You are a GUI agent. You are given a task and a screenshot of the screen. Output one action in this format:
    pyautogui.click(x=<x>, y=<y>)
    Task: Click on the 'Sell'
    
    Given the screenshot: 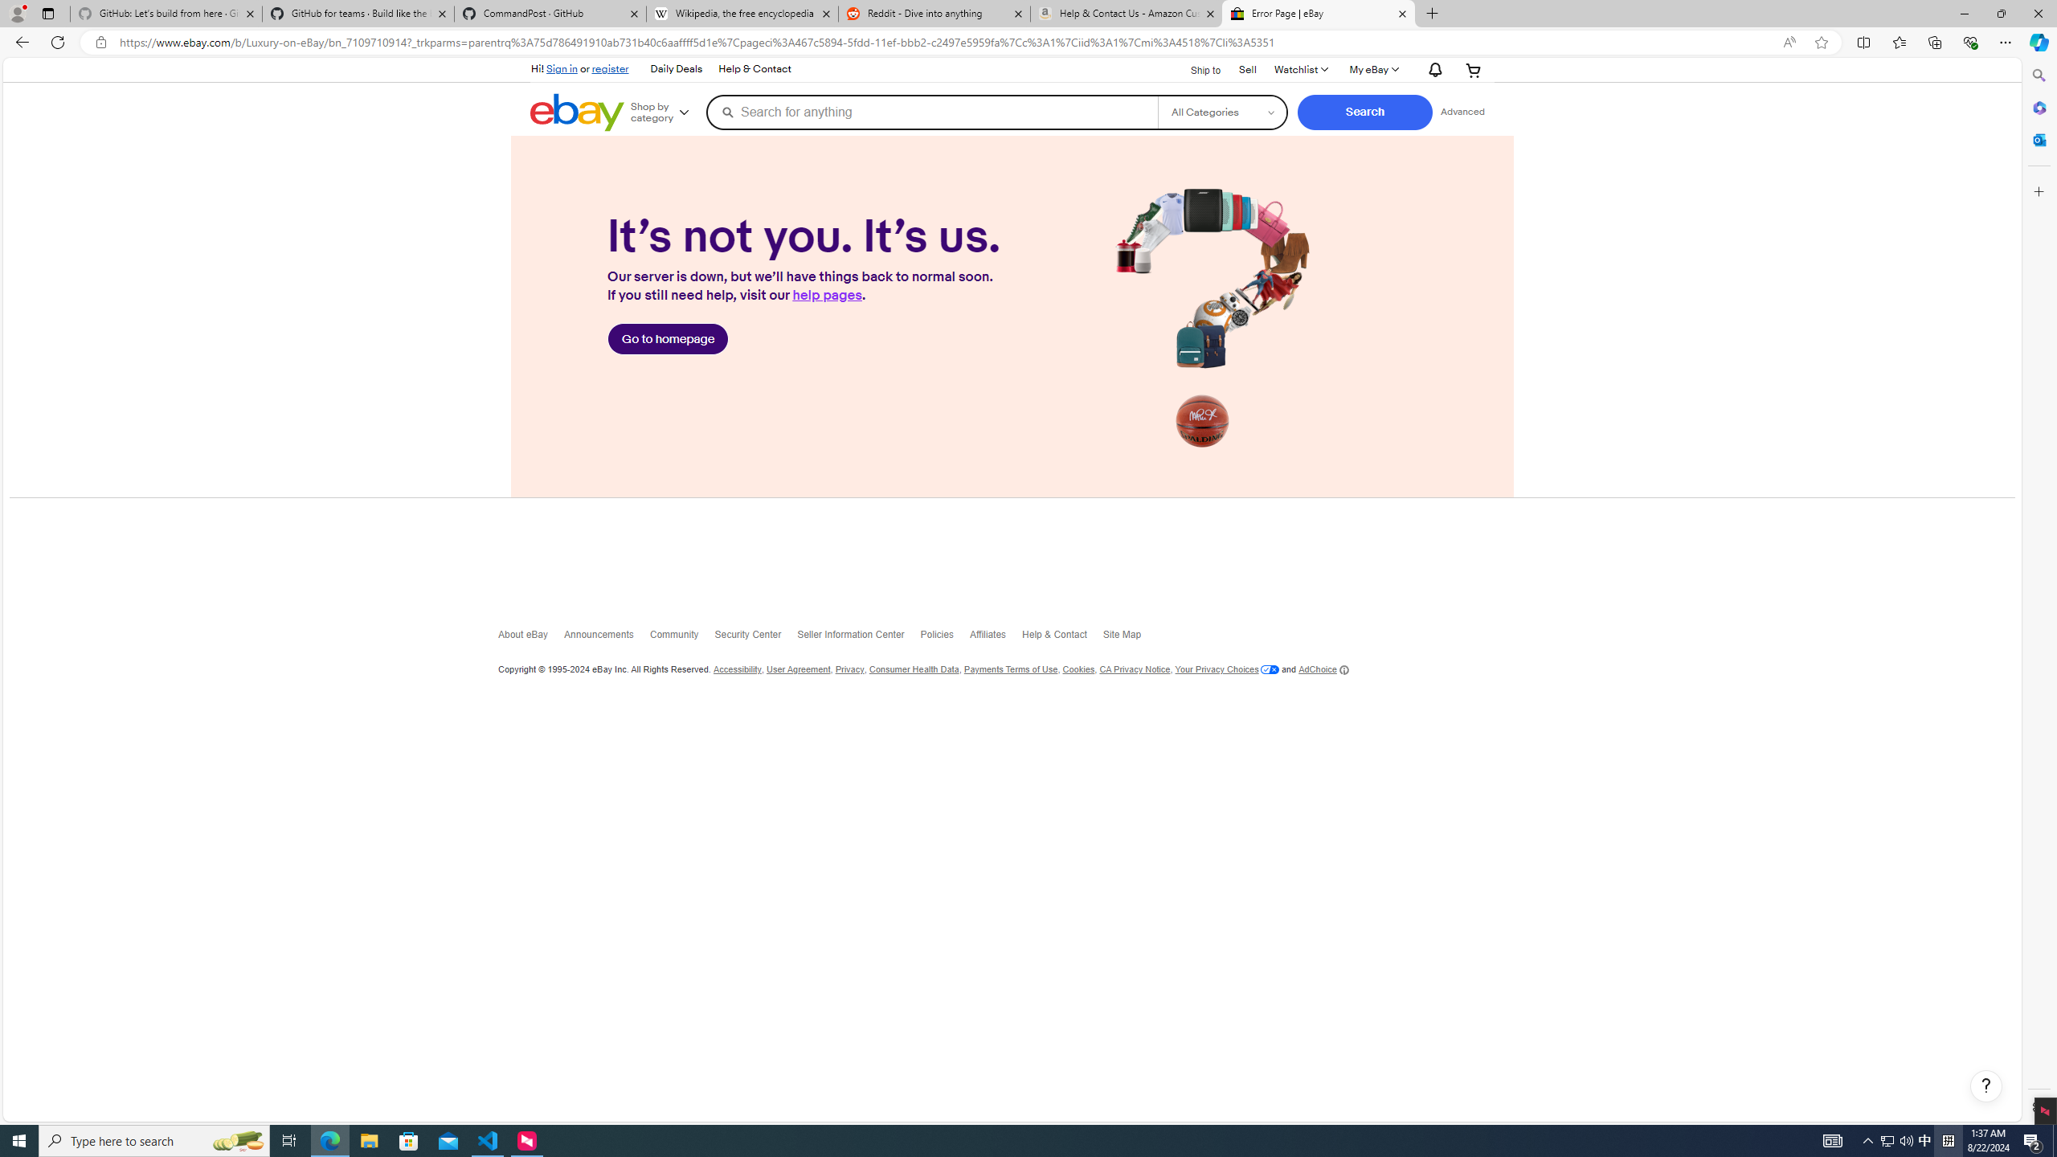 What is the action you would take?
    pyautogui.click(x=1248, y=67)
    